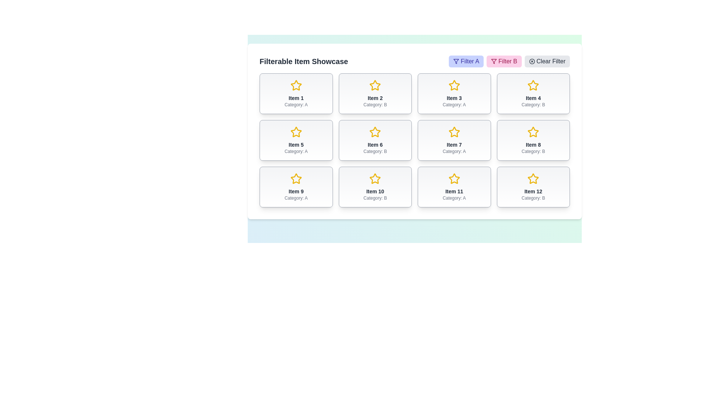 This screenshot has height=400, width=711. What do you see at coordinates (454, 98) in the screenshot?
I see `the static text label 'Item 3' which is located in the first row, third column of the grid, positioned below a yellow star icon and above the text 'Category: A'` at bounding box center [454, 98].